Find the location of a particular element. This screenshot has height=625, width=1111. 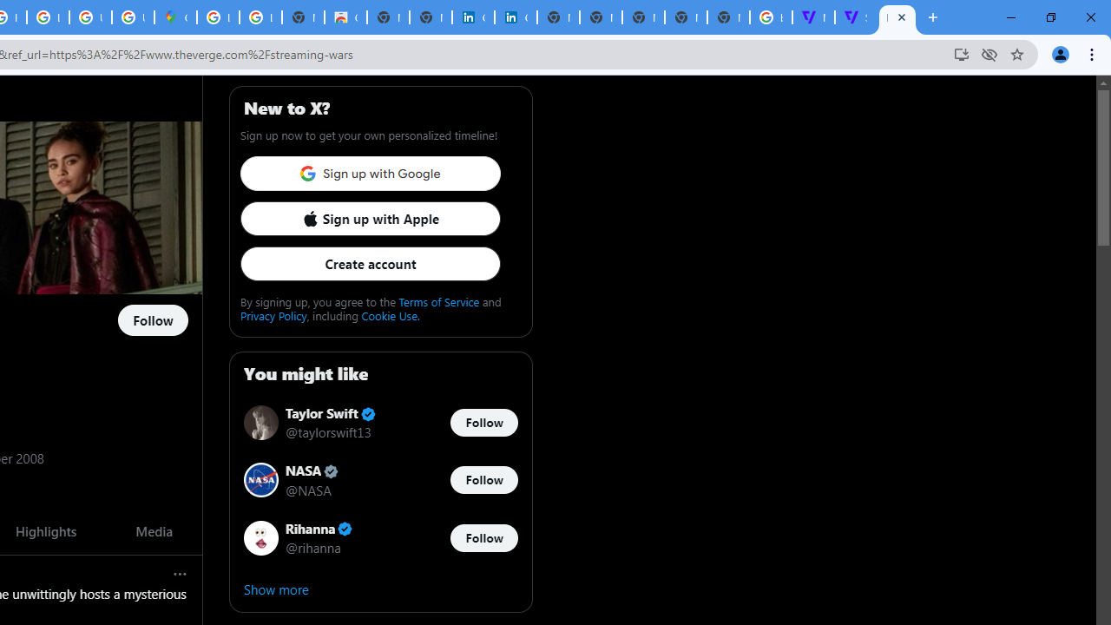

'Taylor Swift Verified account' is located at coordinates (331, 414).